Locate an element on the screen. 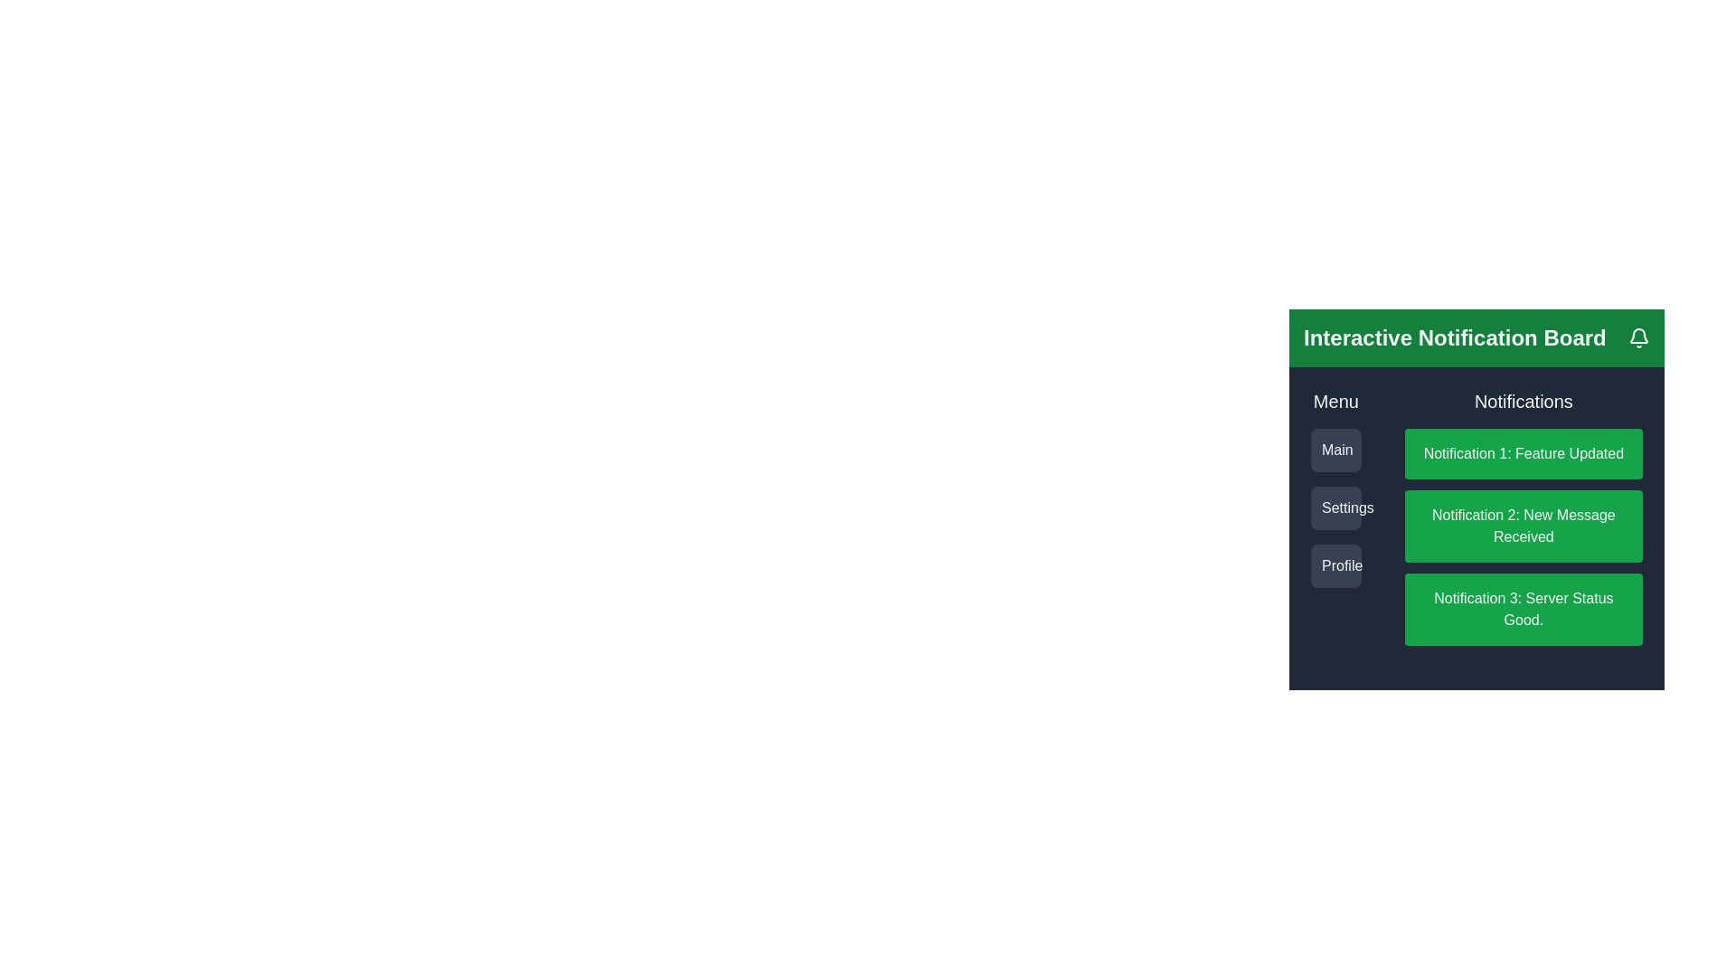 This screenshot has height=977, width=1736. the second button in the vertical menu labeled 'Menu' is located at coordinates (1335, 508).